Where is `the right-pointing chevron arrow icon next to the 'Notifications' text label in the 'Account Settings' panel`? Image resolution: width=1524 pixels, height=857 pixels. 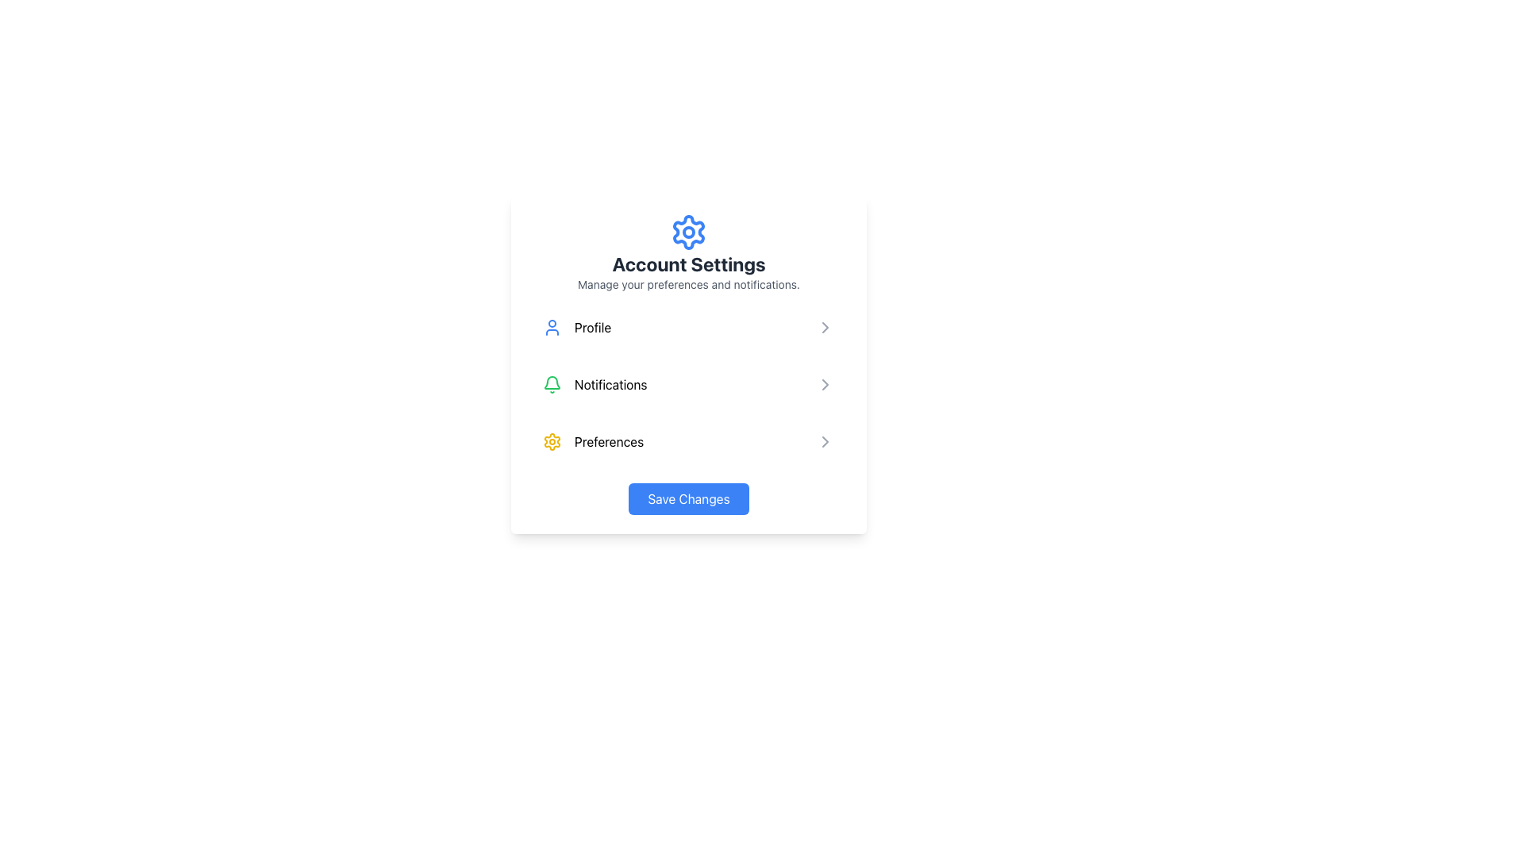 the right-pointing chevron arrow icon next to the 'Notifications' text label in the 'Account Settings' panel is located at coordinates (825, 385).